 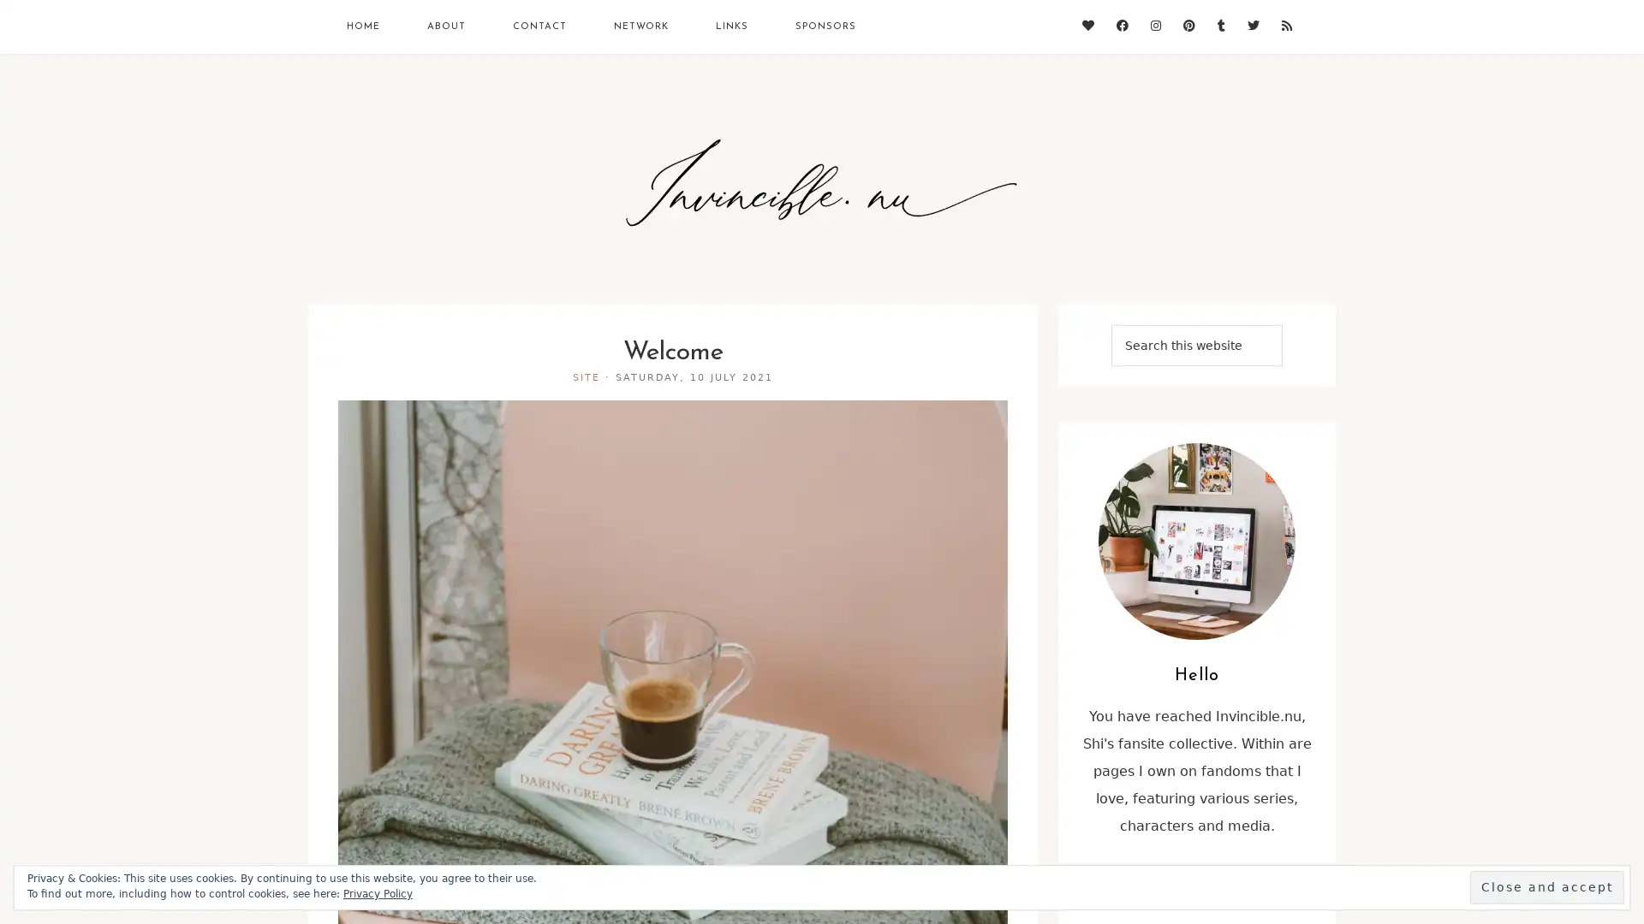 What do you see at coordinates (1138, 364) in the screenshot?
I see `GO` at bounding box center [1138, 364].